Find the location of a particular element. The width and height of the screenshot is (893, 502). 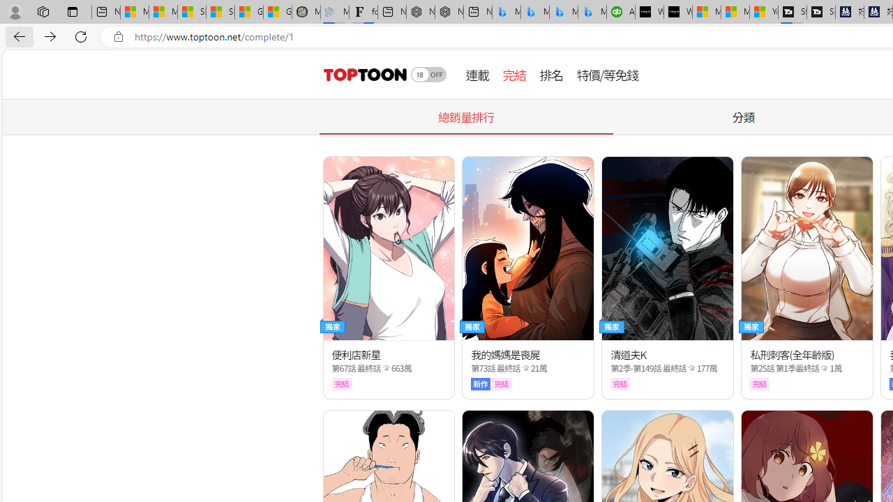

'Class:  switch_18mode actionAdultBtn' is located at coordinates (428, 74).